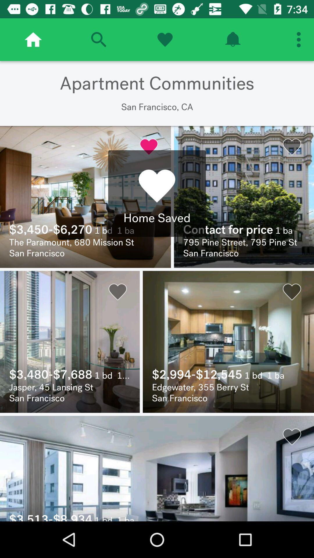 The image size is (314, 558). What do you see at coordinates (165, 39) in the screenshot?
I see `heart icon` at bounding box center [165, 39].